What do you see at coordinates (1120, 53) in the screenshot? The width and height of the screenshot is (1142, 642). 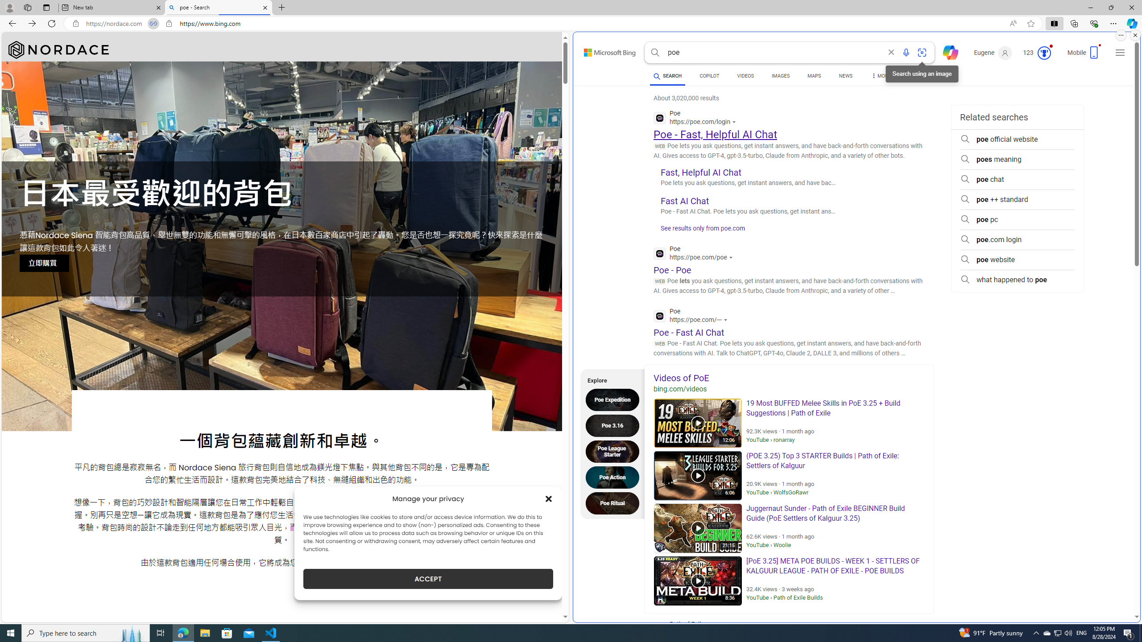 I see `'Settings and quick links'` at bounding box center [1120, 53].